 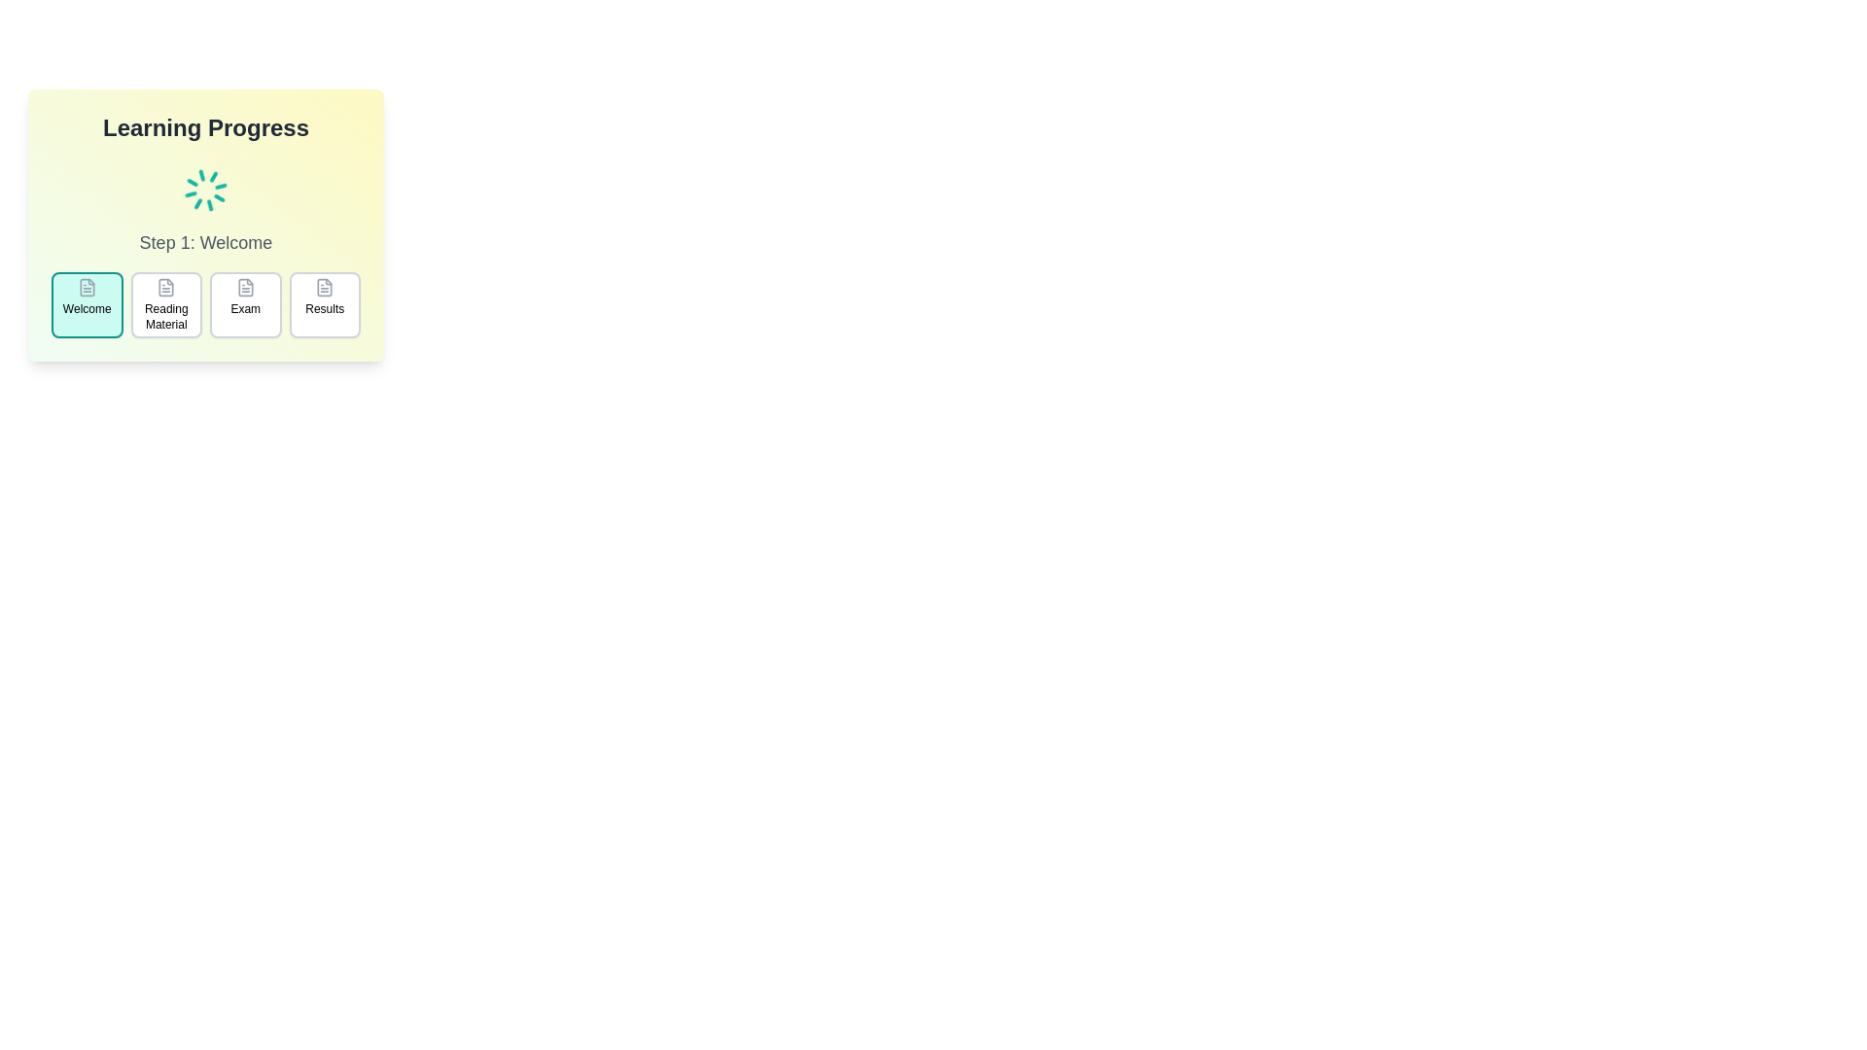 I want to click on the document icon located to the left of the 'Welcome' label, which visually represents an attachment or text-related content, so click(x=86, y=288).